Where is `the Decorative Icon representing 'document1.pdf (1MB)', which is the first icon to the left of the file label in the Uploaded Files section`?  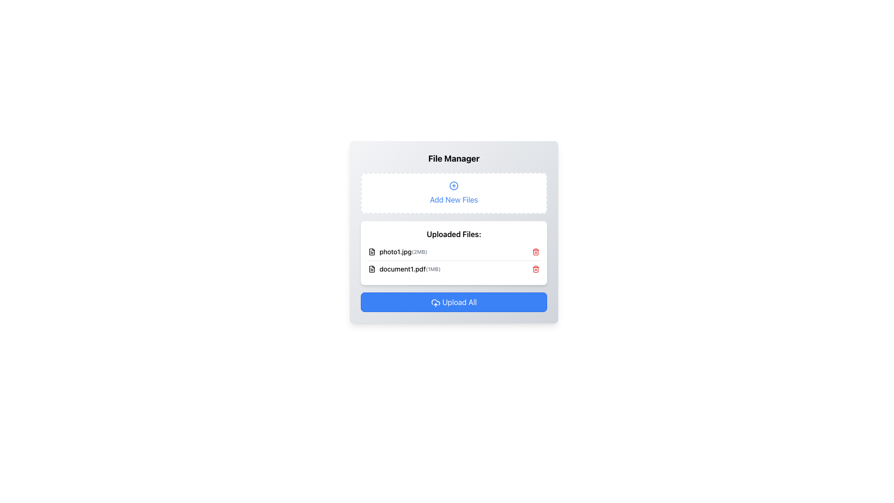 the Decorative Icon representing 'document1.pdf (1MB)', which is the first icon to the left of the file label in the Uploaded Files section is located at coordinates (371, 269).